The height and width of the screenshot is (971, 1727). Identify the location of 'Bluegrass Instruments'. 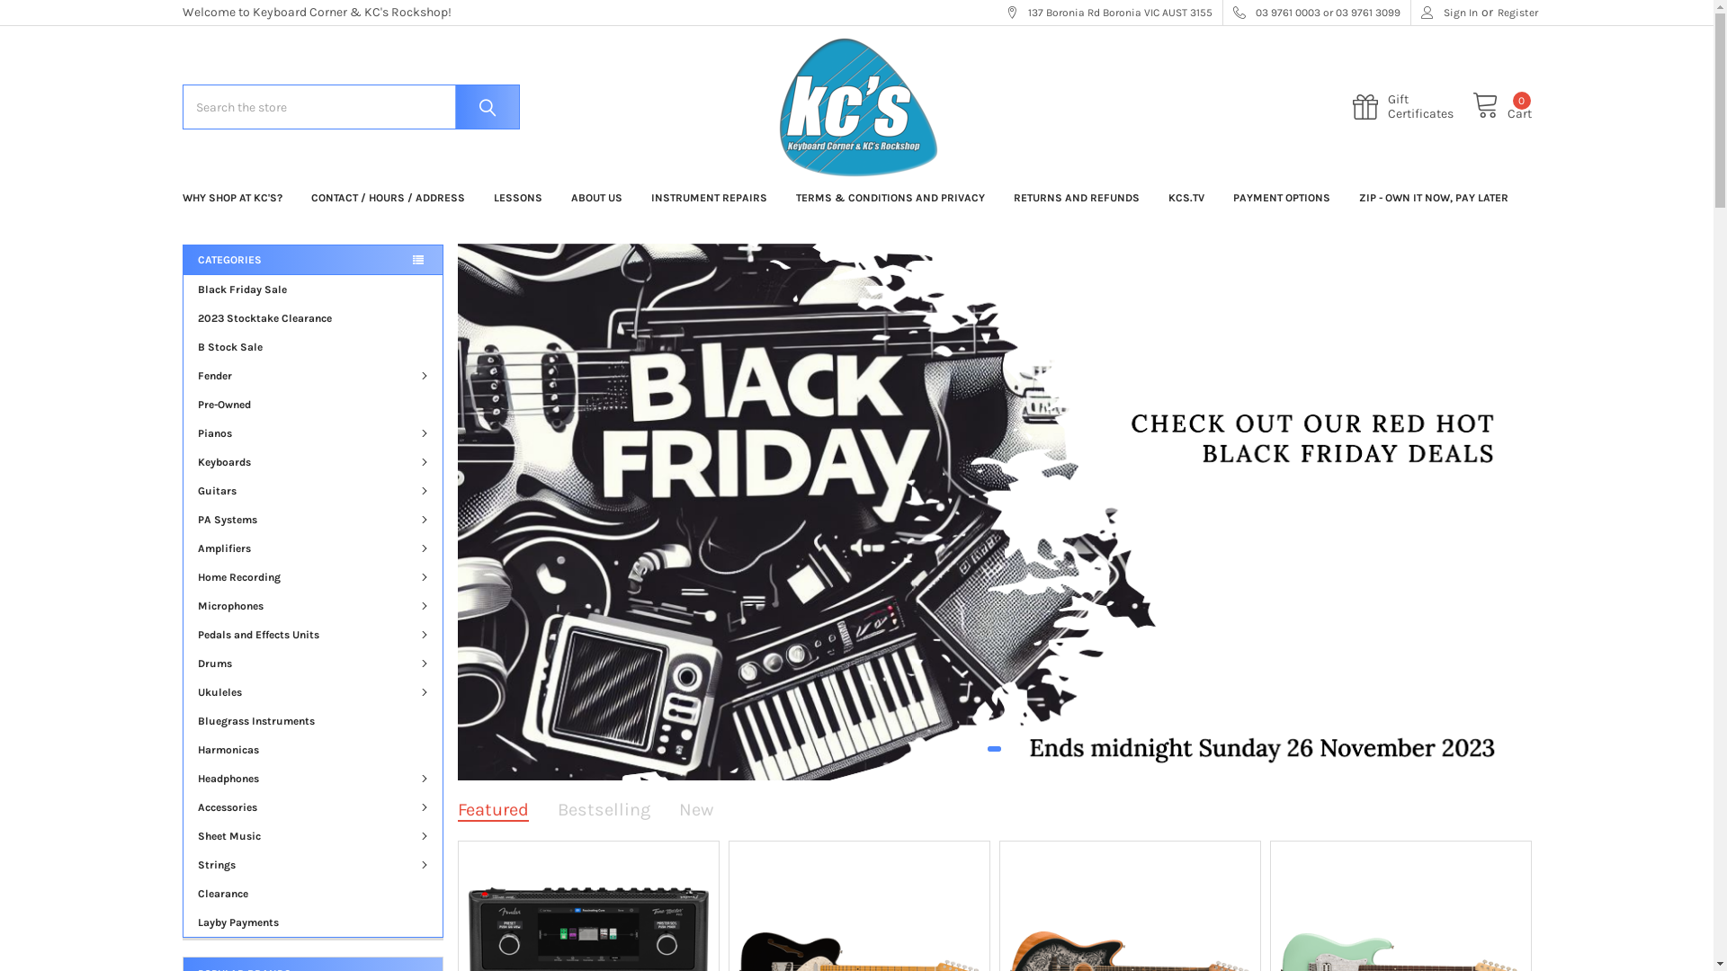
(312, 720).